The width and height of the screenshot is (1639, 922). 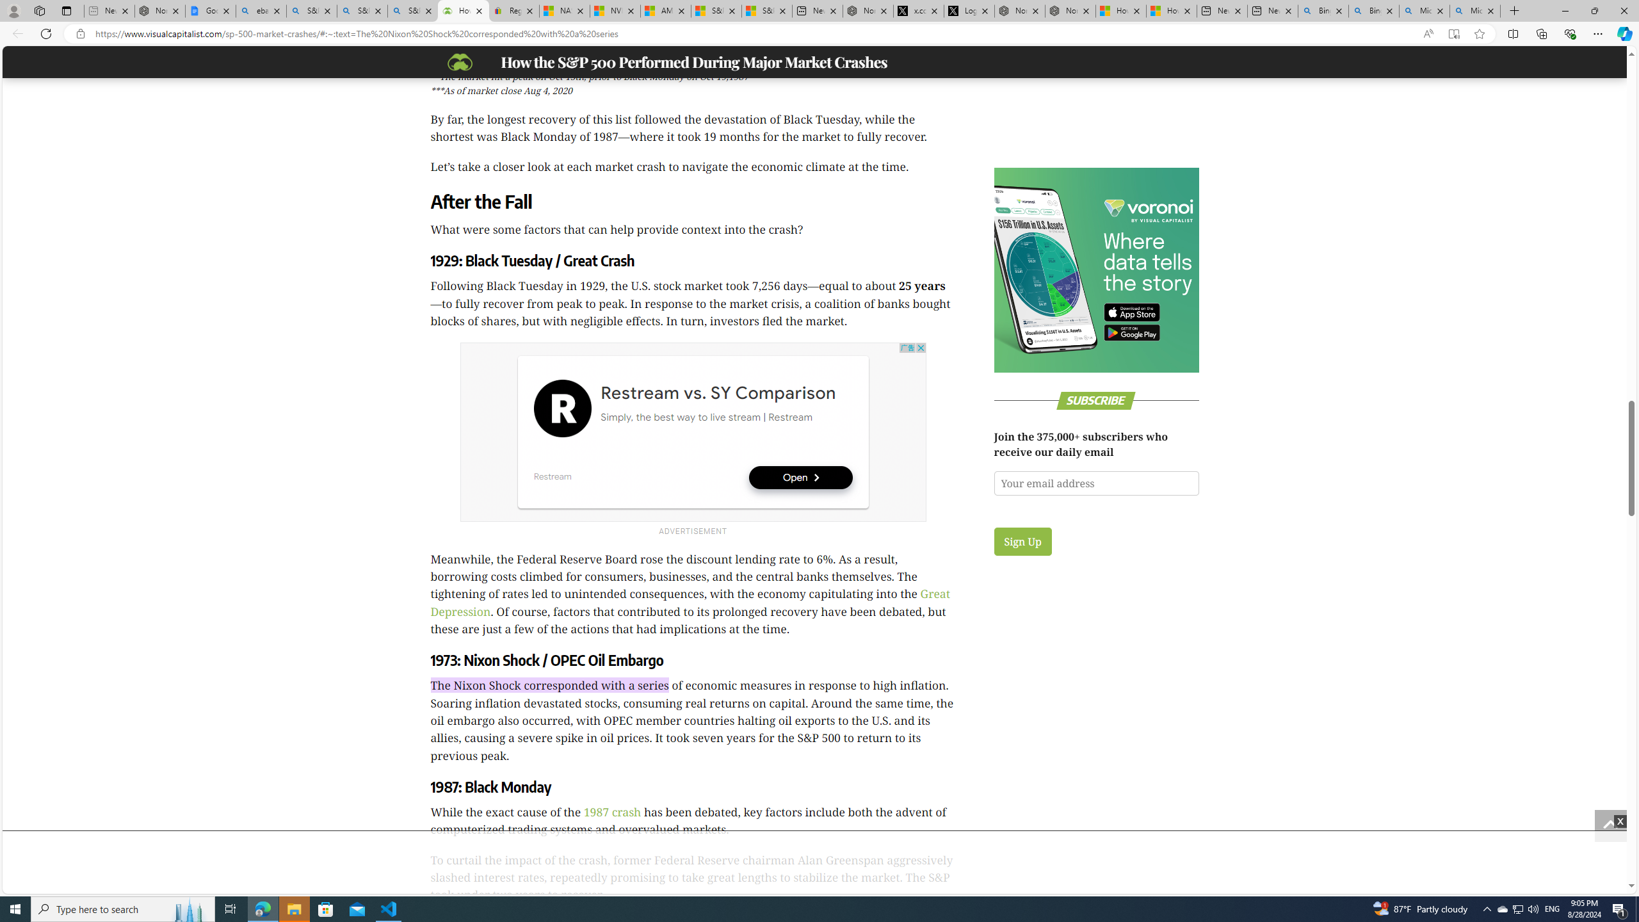 I want to click on '1987 crash', so click(x=611, y=811).